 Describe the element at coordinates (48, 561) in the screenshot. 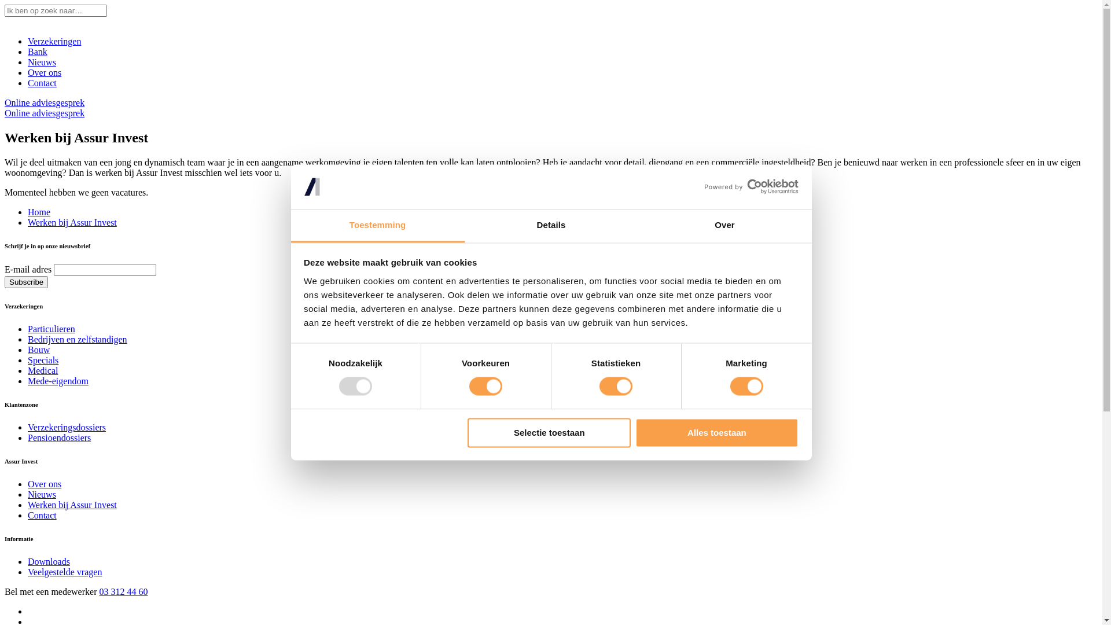

I see `'Downloads'` at that location.